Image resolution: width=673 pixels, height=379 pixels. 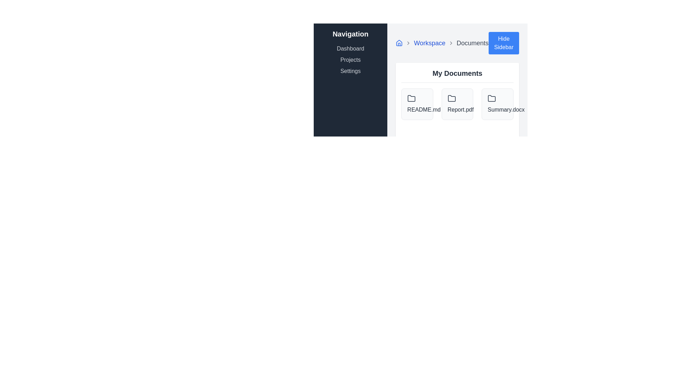 I want to click on the document named 'Summary.docx' located, so click(x=497, y=104).